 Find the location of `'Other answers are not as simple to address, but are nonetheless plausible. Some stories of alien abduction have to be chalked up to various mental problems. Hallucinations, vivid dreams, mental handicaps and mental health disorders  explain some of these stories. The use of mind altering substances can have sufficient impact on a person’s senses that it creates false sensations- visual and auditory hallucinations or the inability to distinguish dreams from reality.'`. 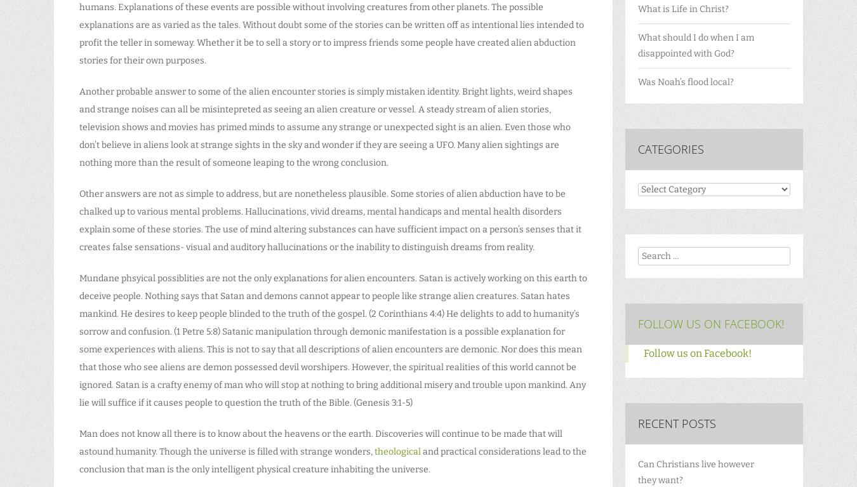

'Other answers are not as simple to address, but are nonetheless plausible. Some stories of alien abduction have to be chalked up to various mental problems. Hallucinations, vivid dreams, mental handicaps and mental health disorders  explain some of these stories. The use of mind altering substances can have sufficient impact on a person’s senses that it creates false sensations- visual and auditory hallucinations or the inability to distinguish dreams from reality.' is located at coordinates (79, 220).